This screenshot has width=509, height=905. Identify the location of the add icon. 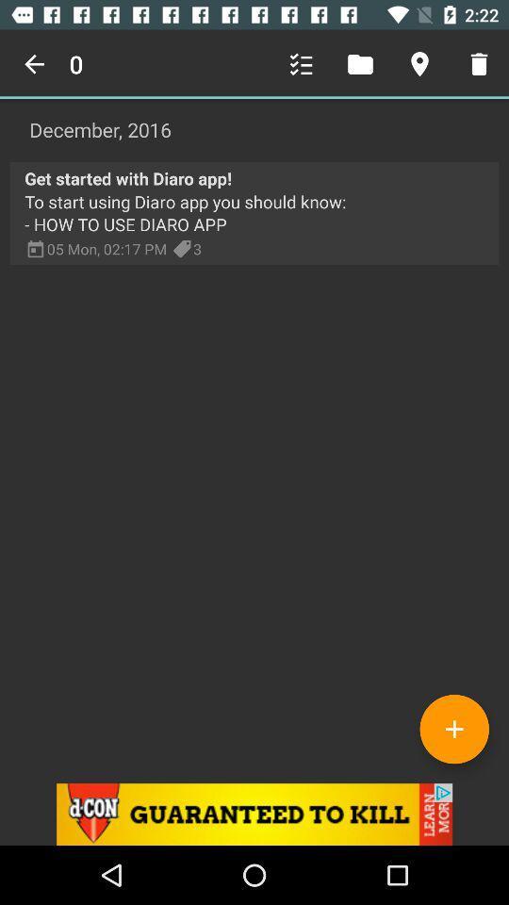
(453, 728).